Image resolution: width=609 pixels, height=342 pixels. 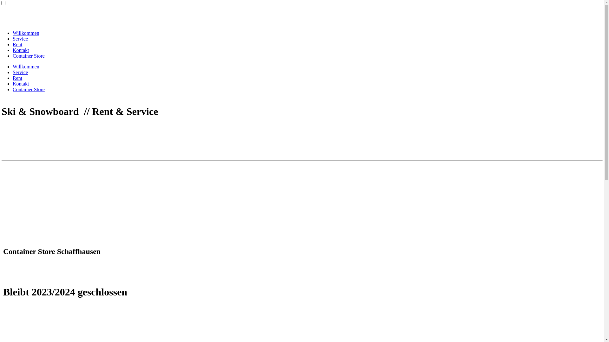 What do you see at coordinates (21, 50) in the screenshot?
I see `'Kontakt'` at bounding box center [21, 50].